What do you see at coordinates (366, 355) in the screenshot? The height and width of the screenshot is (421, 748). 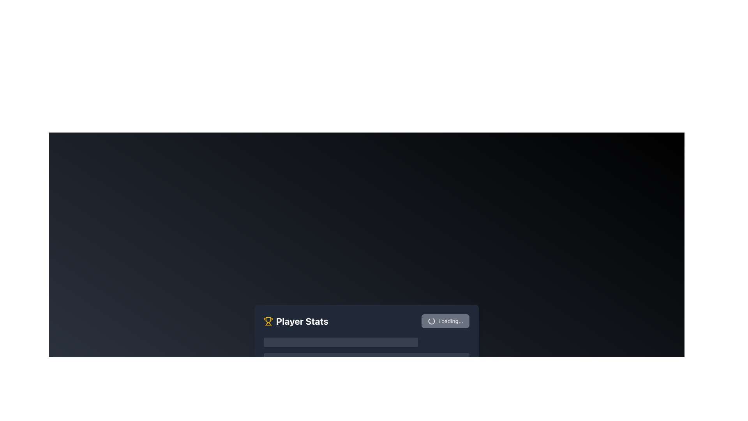 I see `the loading indicator located at the lower portion of the 'Player Stats' card with a 'Loading...' indicator on its top-right corner` at bounding box center [366, 355].